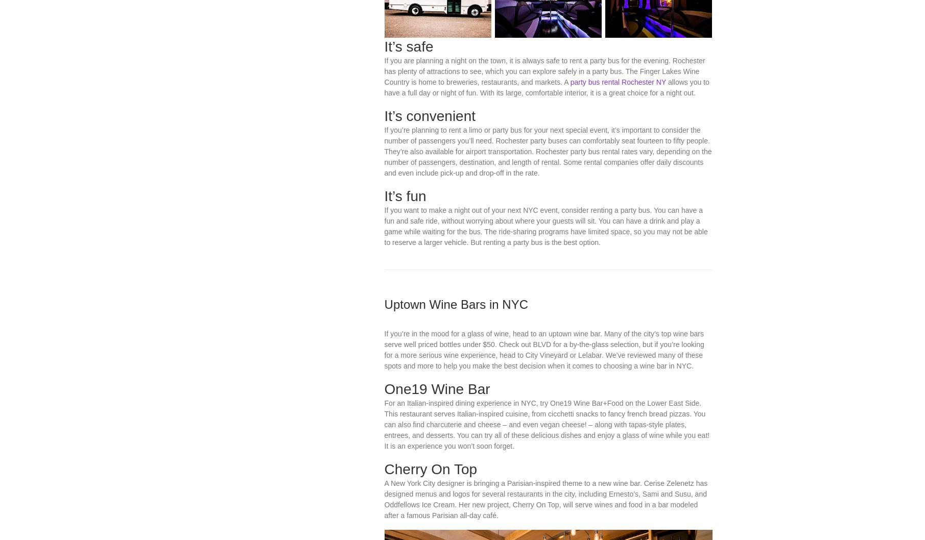 This screenshot has width=925, height=540. Describe the element at coordinates (569, 179) in the screenshot. I see `'party bus rental Rochester NY'` at that location.